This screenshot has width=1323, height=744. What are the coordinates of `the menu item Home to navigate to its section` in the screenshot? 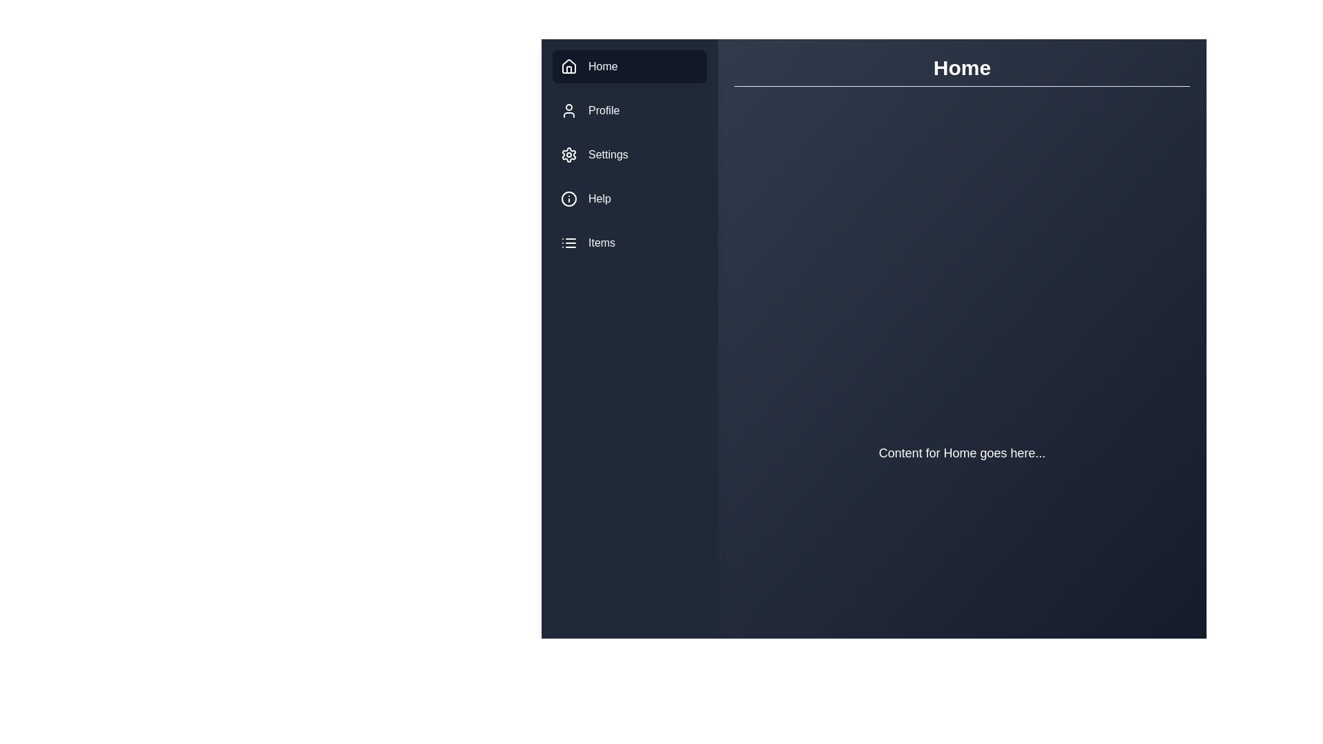 It's located at (628, 66).